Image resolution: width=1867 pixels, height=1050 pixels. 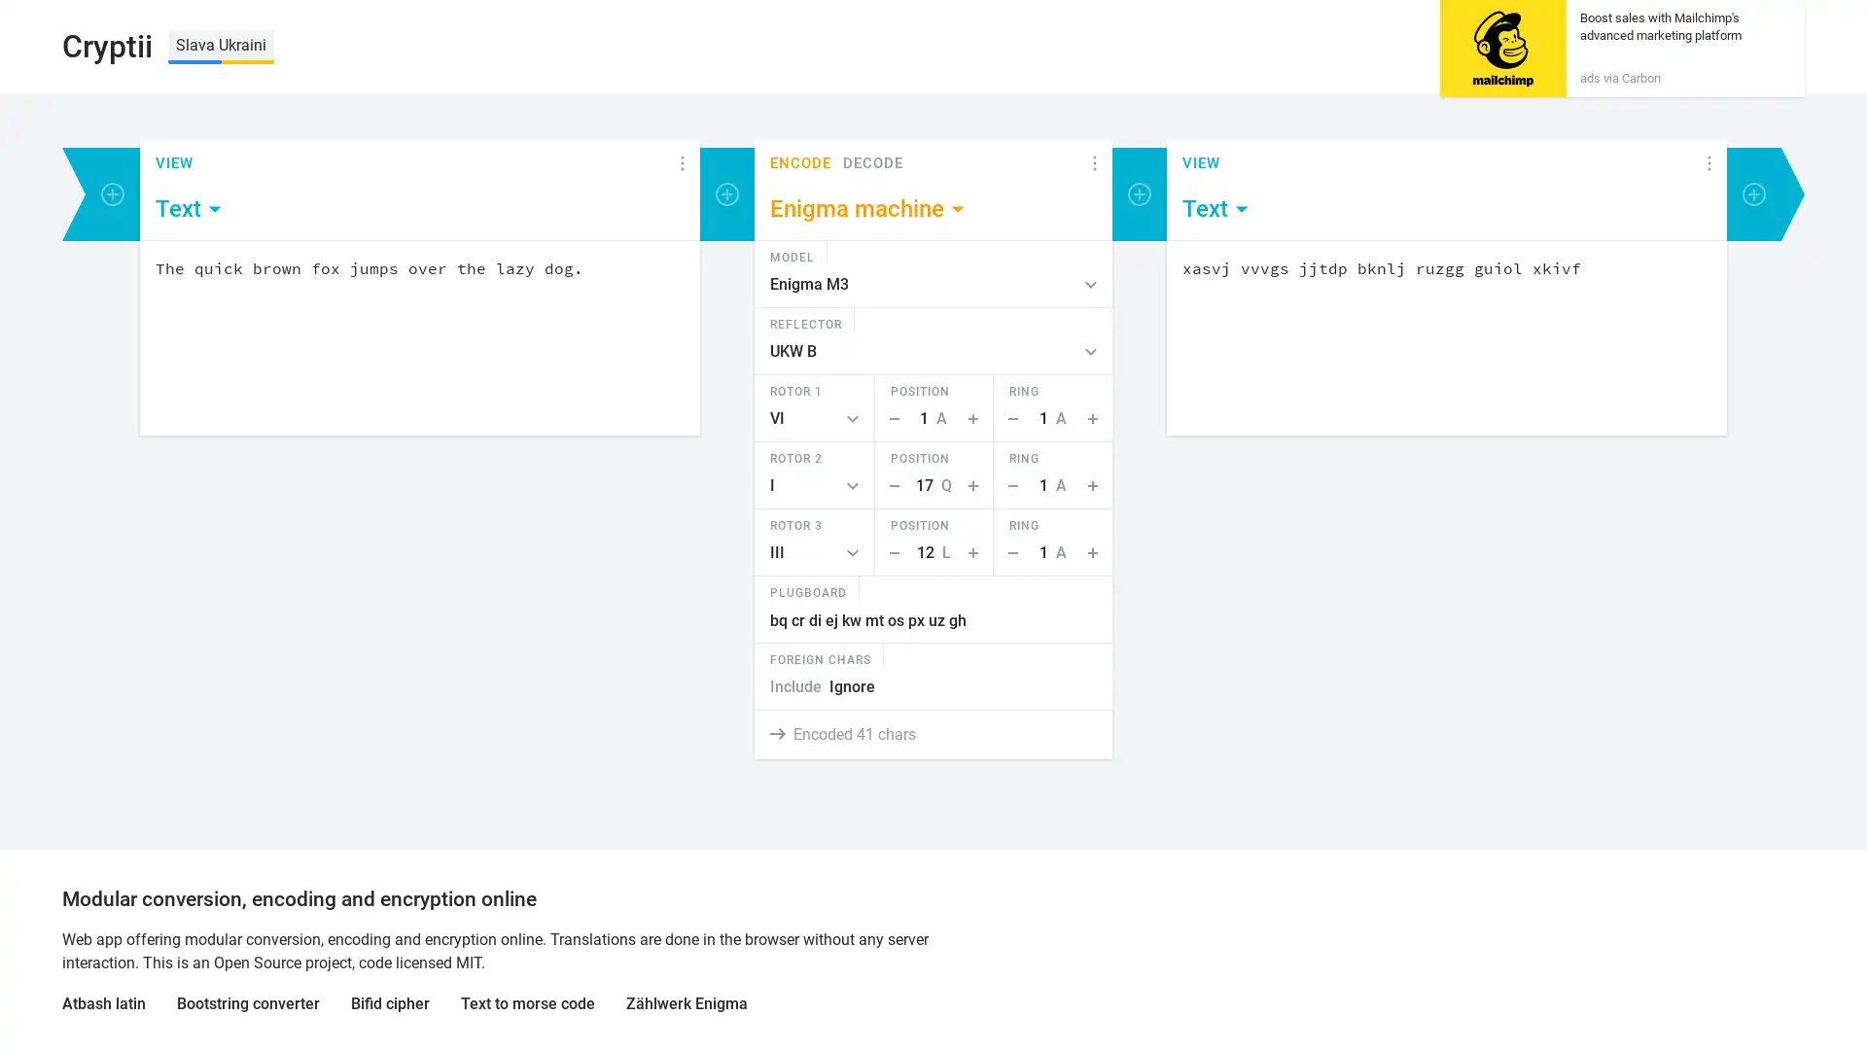 What do you see at coordinates (889, 485) in the screenshot?
I see `Step Down` at bounding box center [889, 485].